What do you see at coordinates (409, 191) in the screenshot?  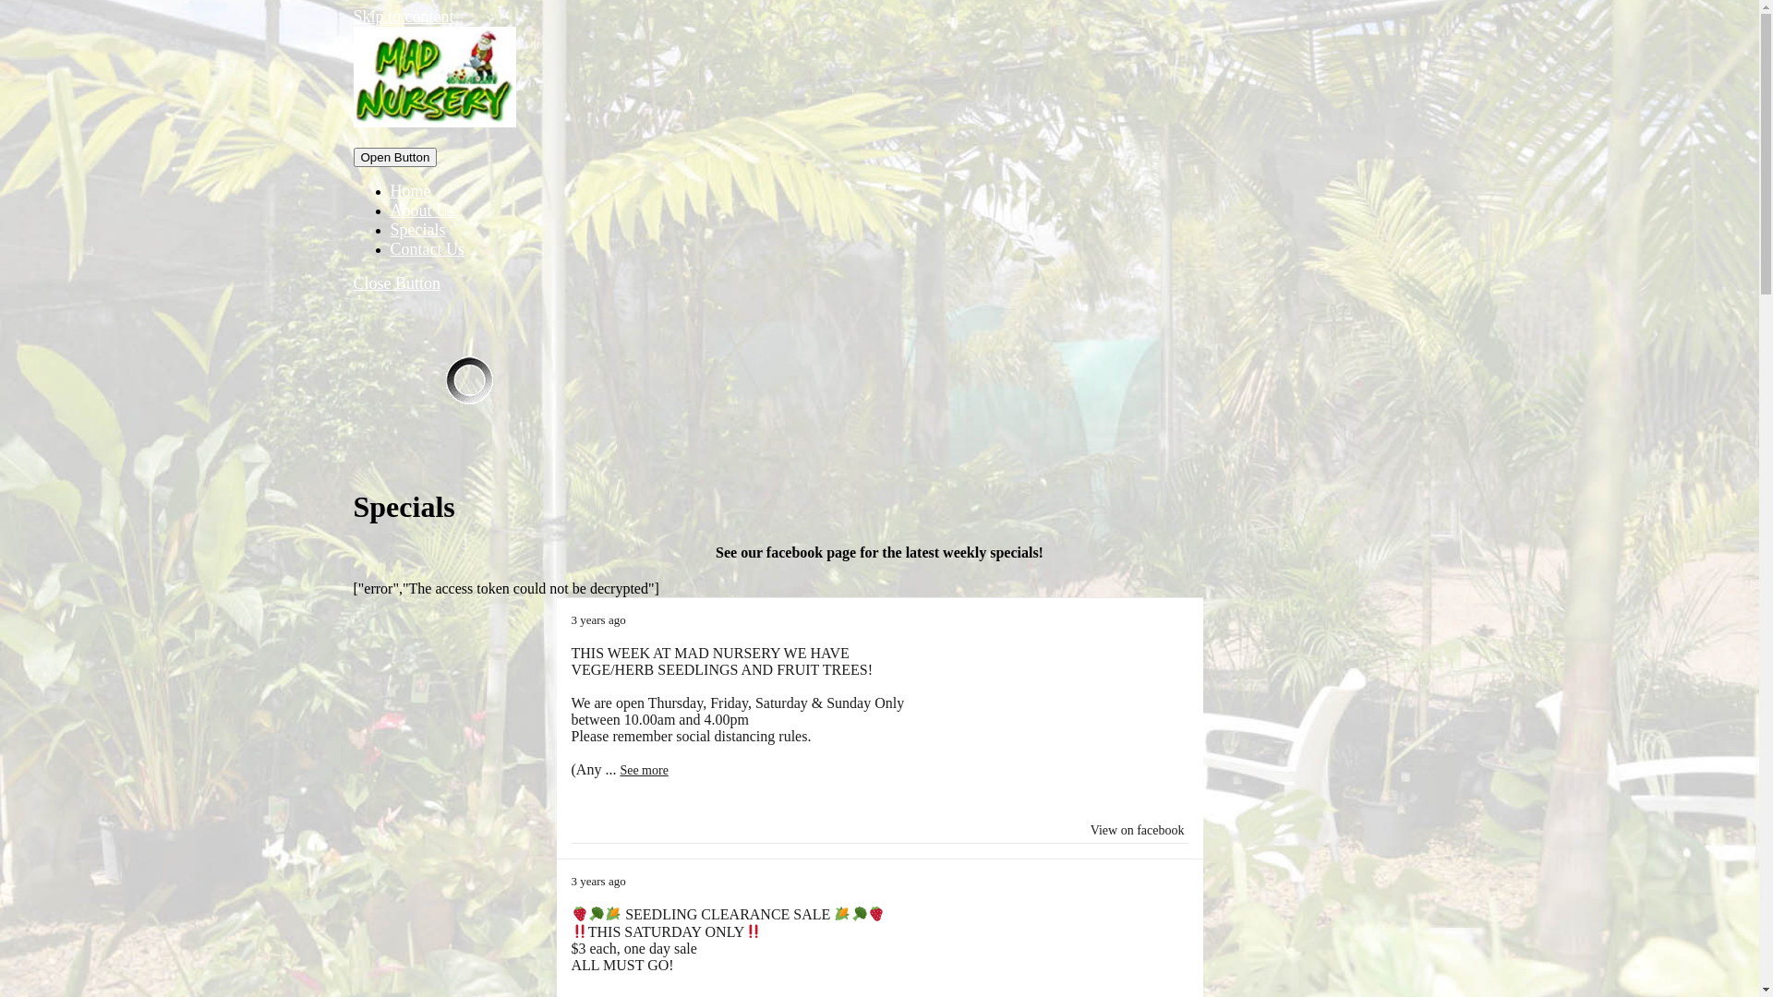 I see `'Home'` at bounding box center [409, 191].